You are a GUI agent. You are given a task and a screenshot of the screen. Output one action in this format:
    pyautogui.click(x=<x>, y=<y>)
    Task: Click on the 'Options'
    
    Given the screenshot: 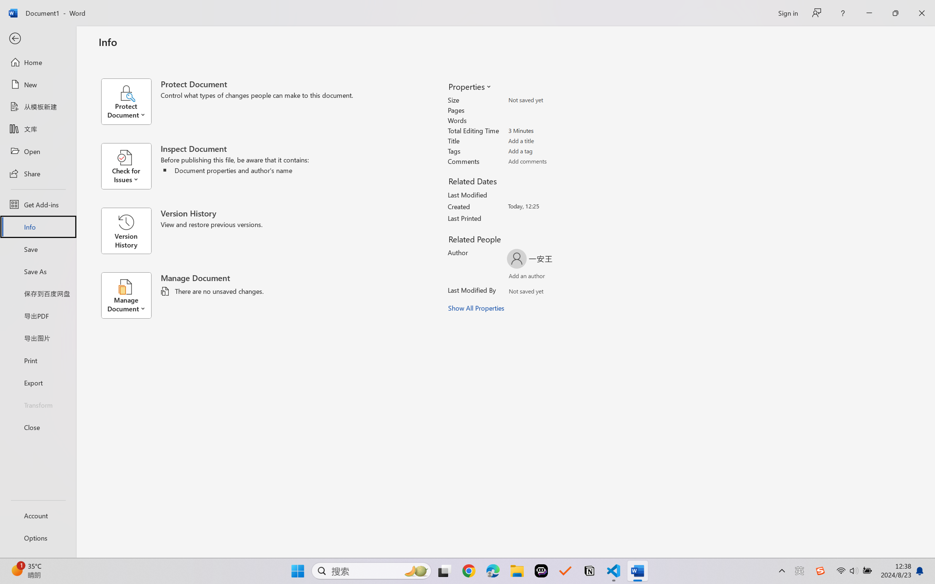 What is the action you would take?
    pyautogui.click(x=37, y=537)
    